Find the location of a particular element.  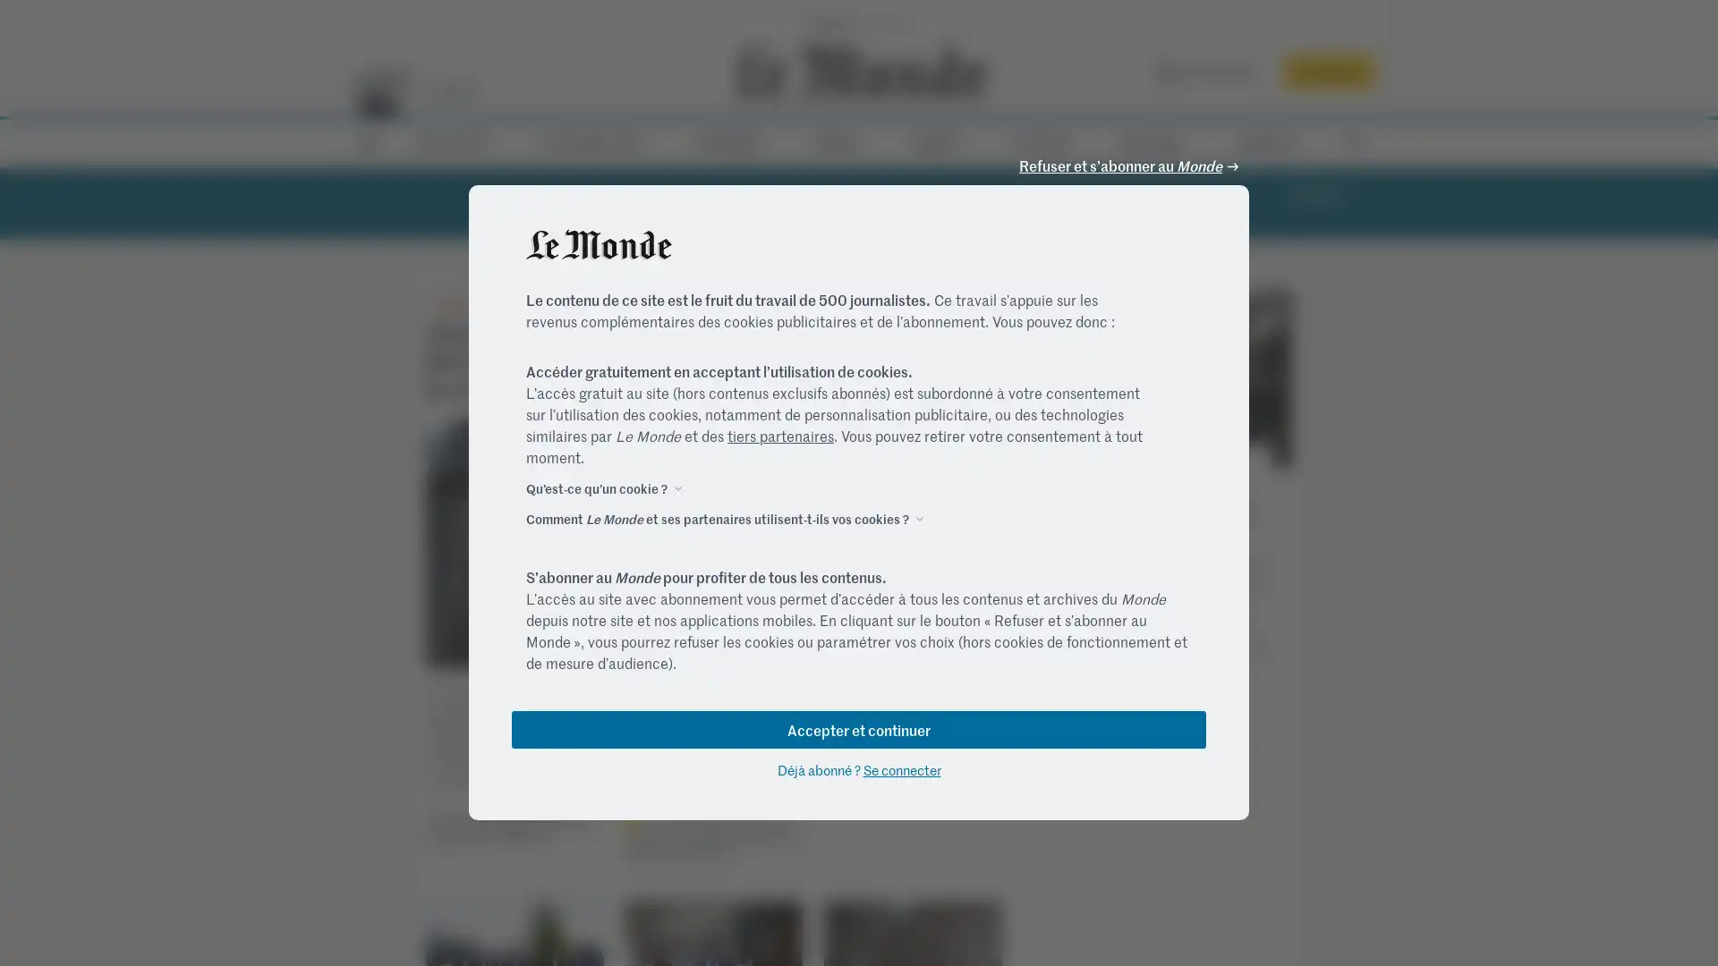

RECHERCHE is located at coordinates (1352, 142).